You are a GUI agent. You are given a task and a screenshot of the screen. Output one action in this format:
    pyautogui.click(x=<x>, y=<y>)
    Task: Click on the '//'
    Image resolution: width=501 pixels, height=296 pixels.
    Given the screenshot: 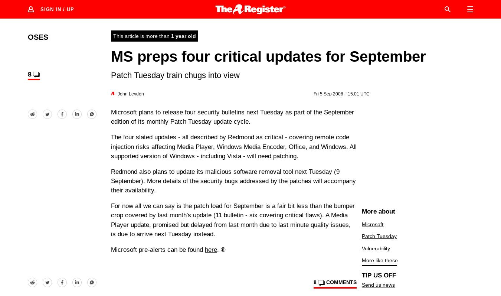 What is the action you would take?
    pyautogui.click(x=345, y=93)
    